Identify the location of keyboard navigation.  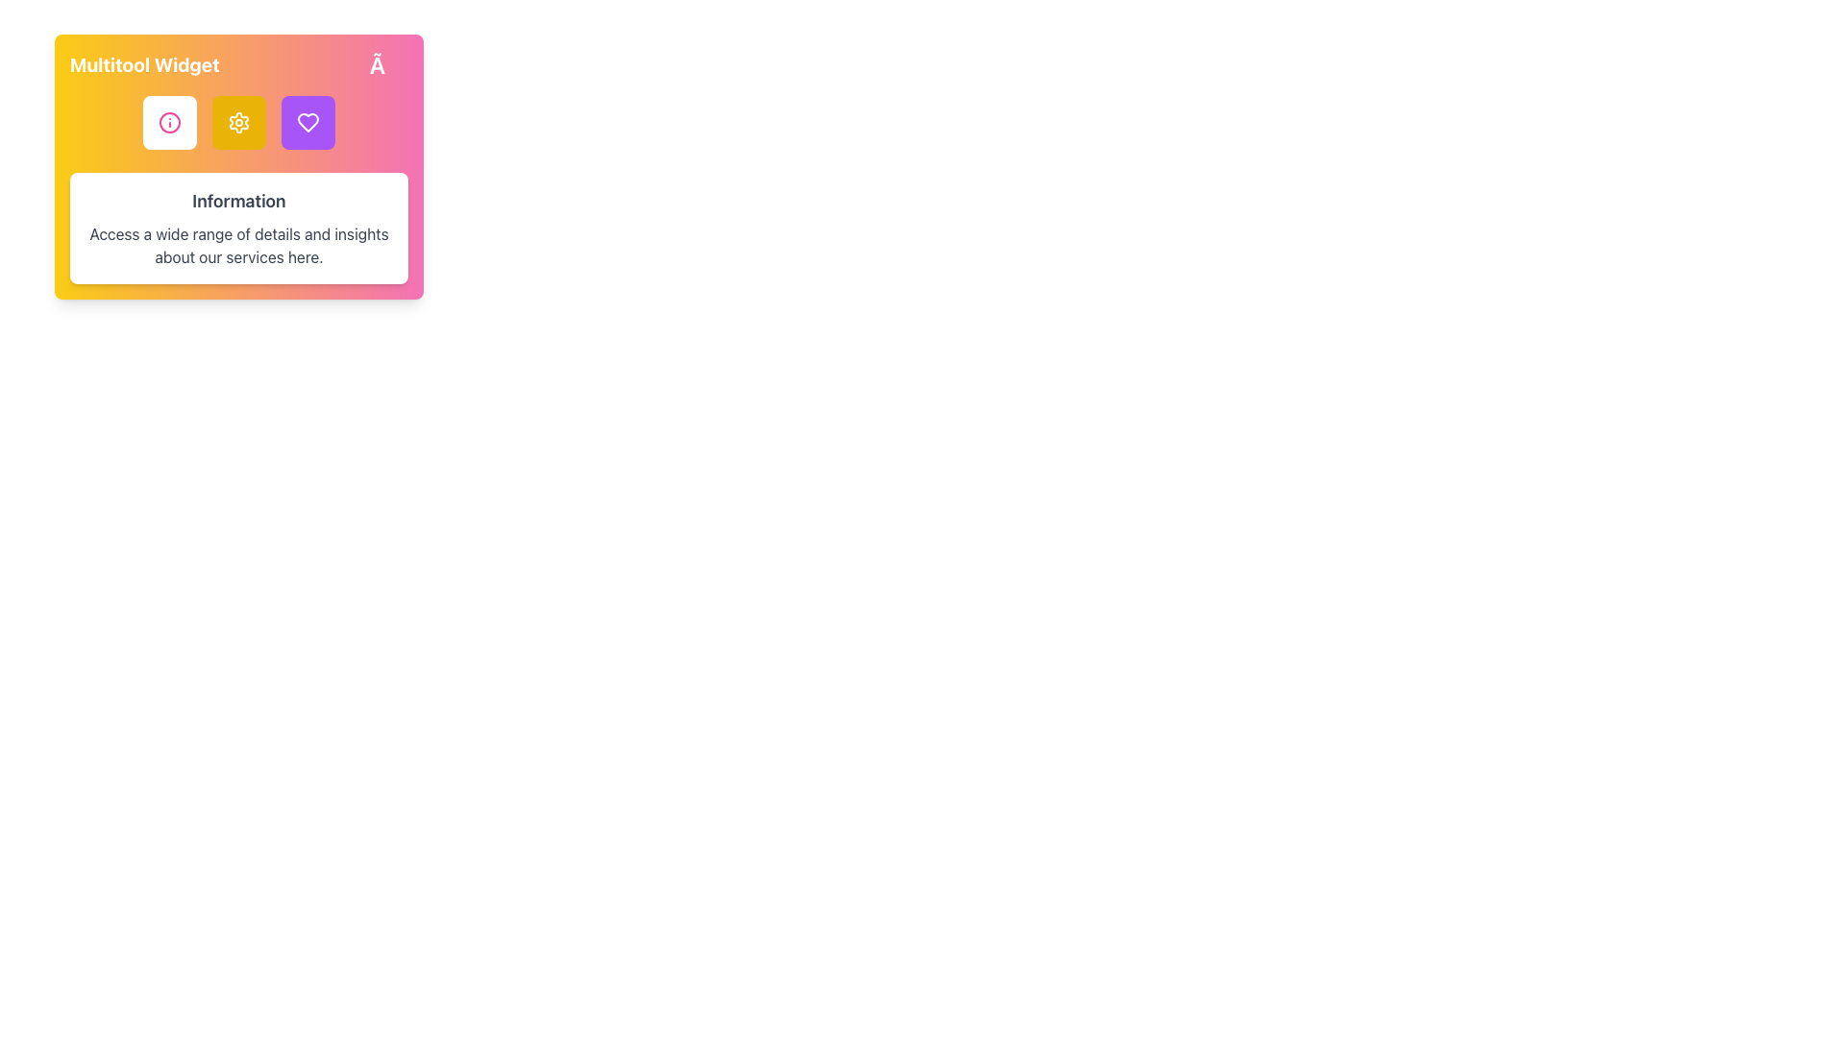
(308, 122).